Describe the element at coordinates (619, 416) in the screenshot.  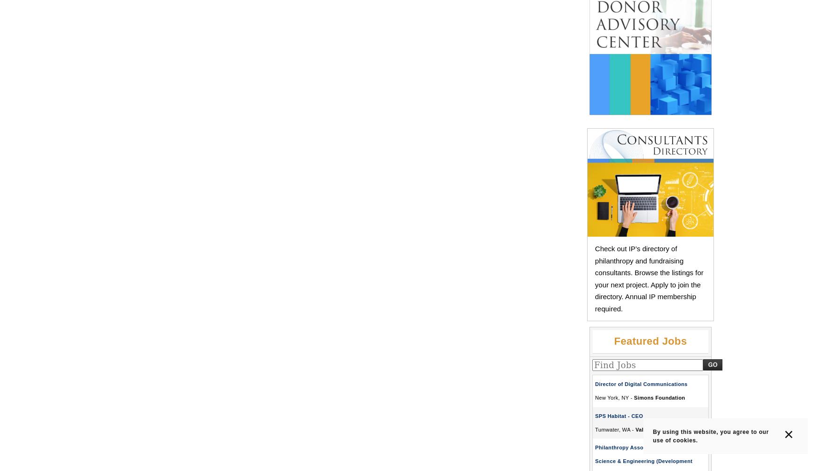
I see `'SPS Habitat - CEO'` at that location.